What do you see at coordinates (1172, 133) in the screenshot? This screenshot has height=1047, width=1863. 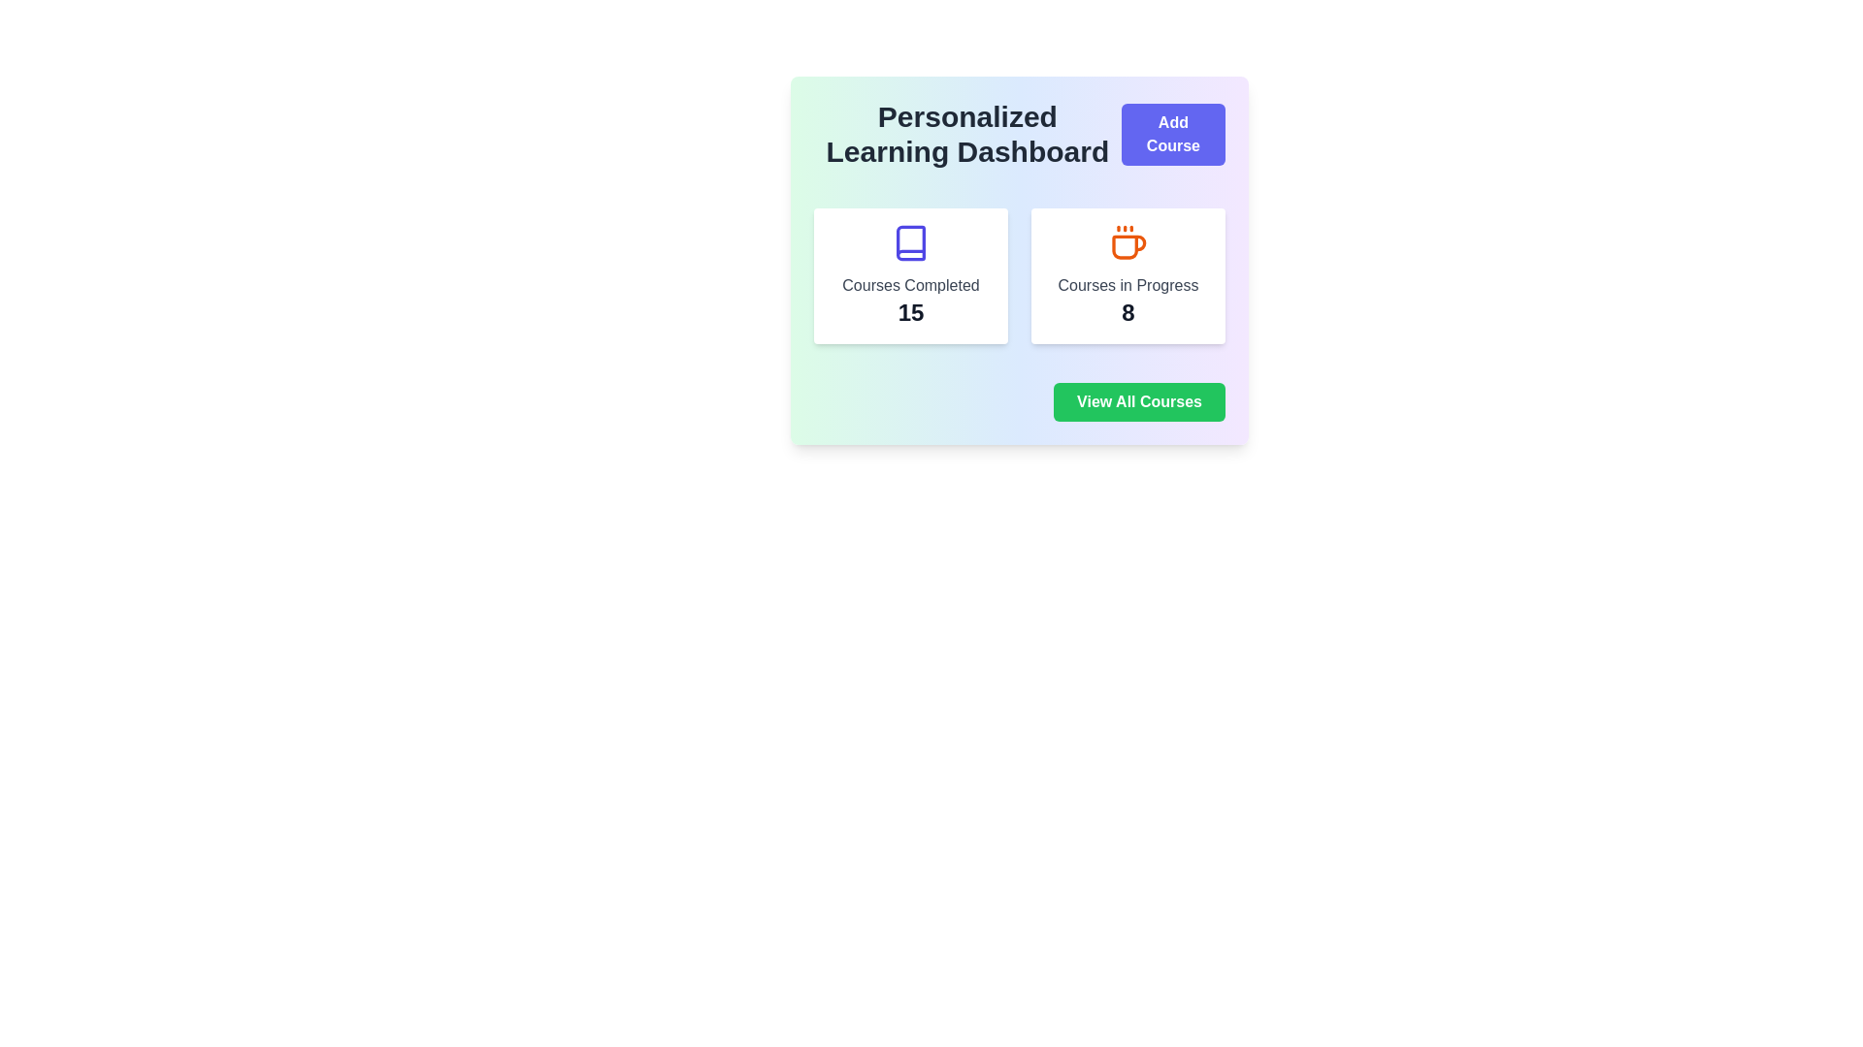 I see `the 'Add New Course' button located in the upper-right corner of the 'Personalized Learning Dashboard' to observe its hover effect` at bounding box center [1172, 133].